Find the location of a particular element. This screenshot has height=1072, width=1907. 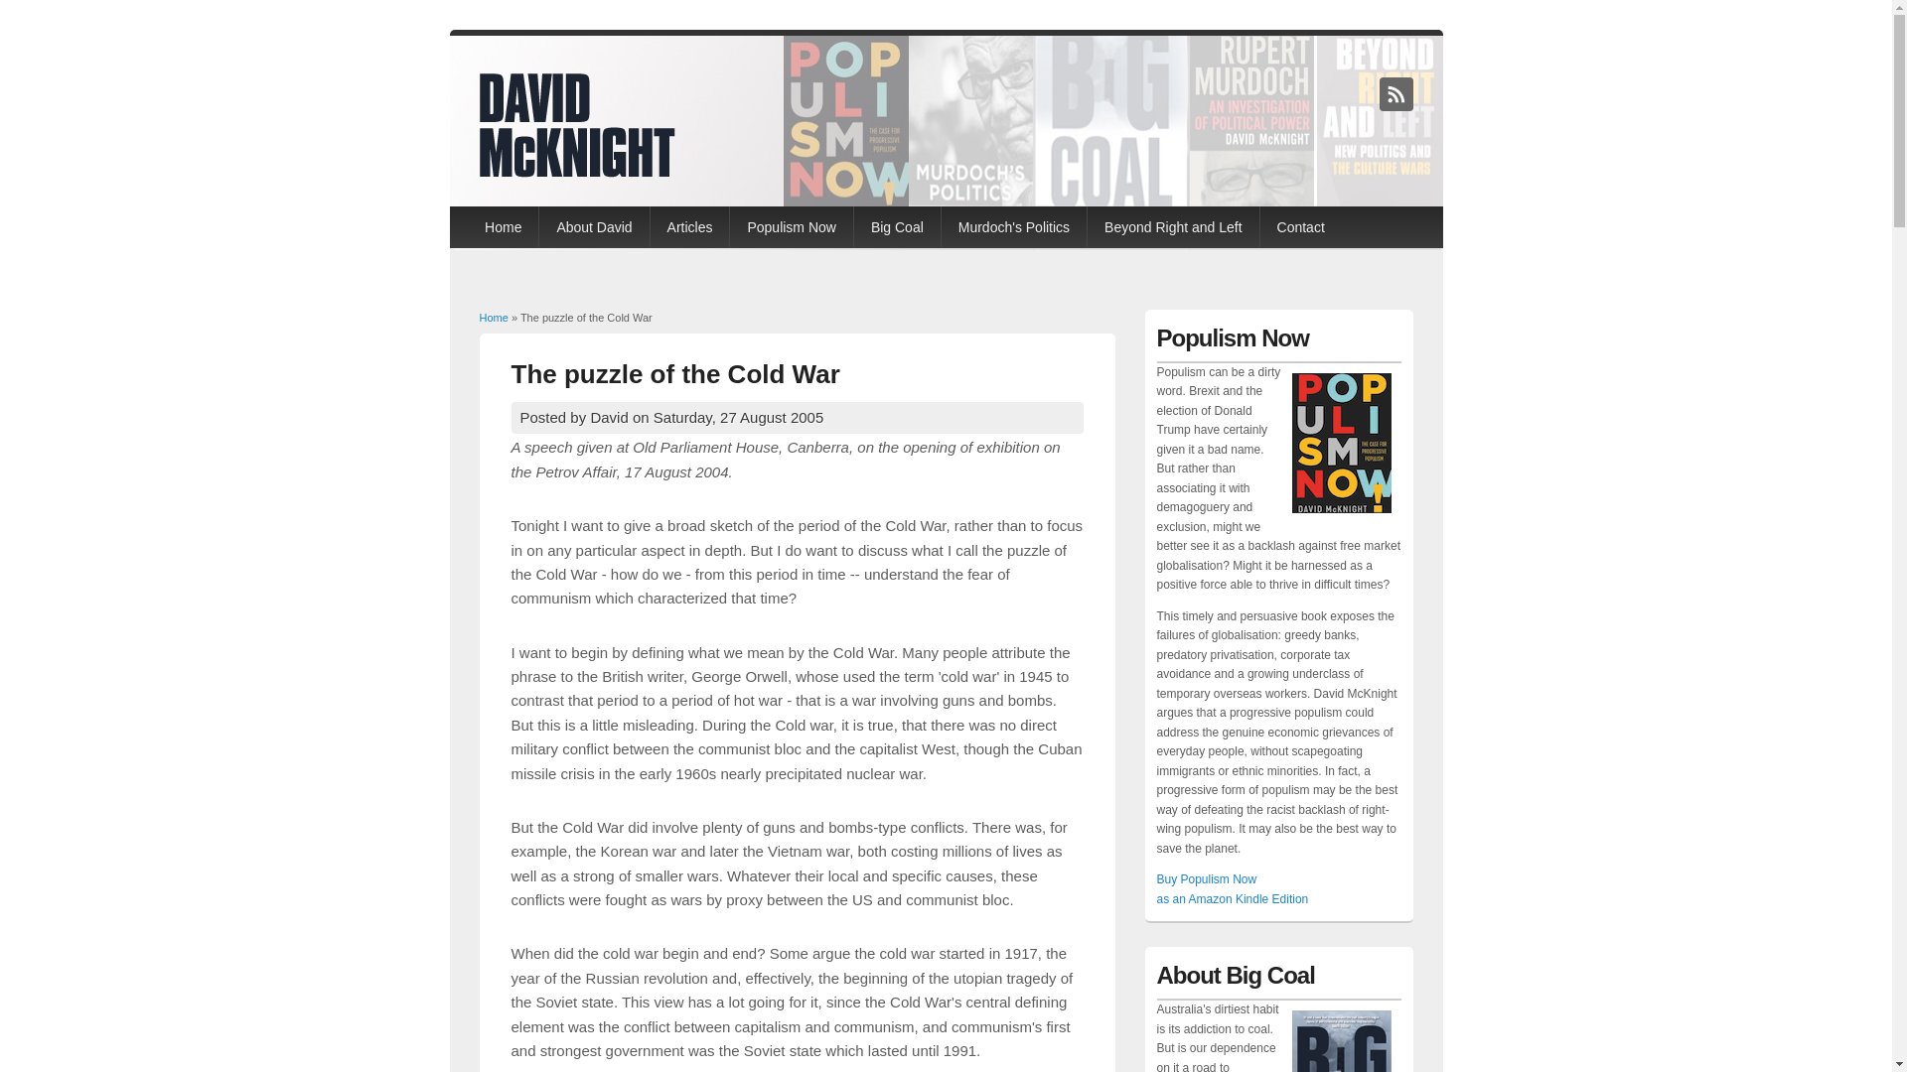

'Articles' is located at coordinates (650, 225).